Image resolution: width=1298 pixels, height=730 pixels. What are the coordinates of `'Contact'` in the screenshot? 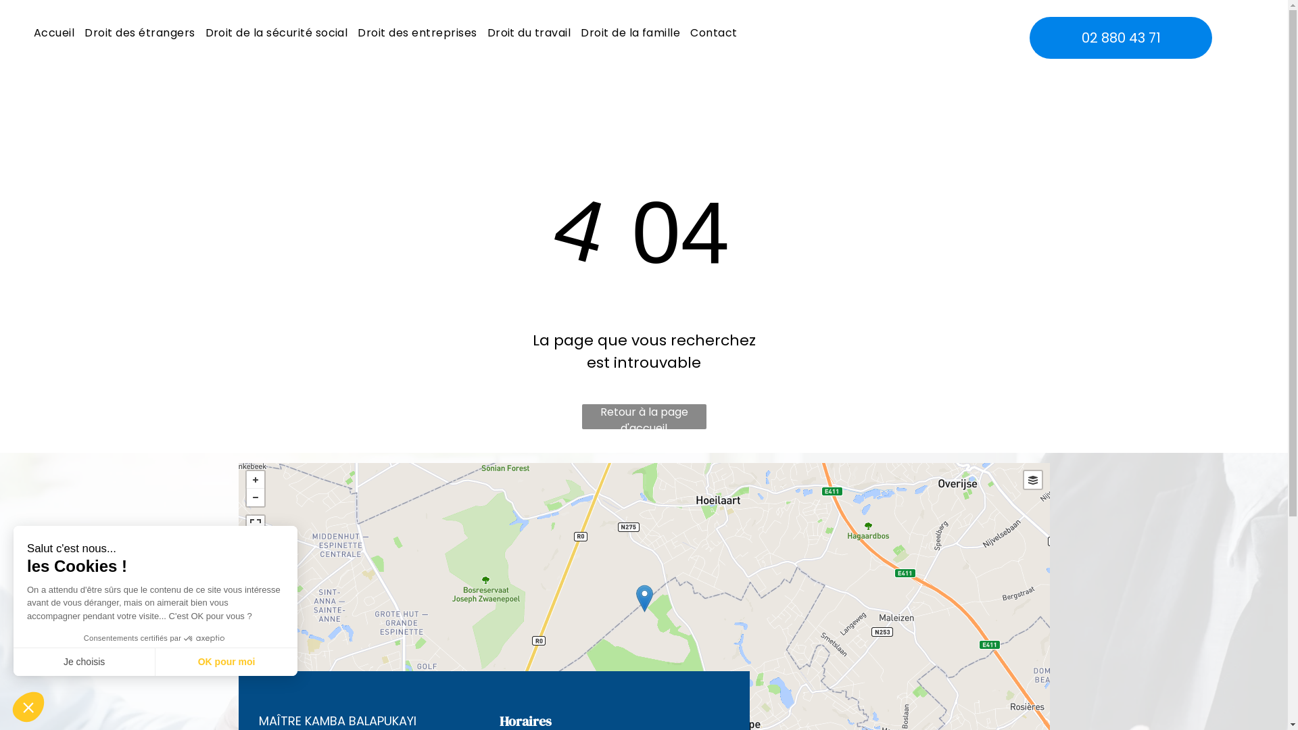 It's located at (711, 32).